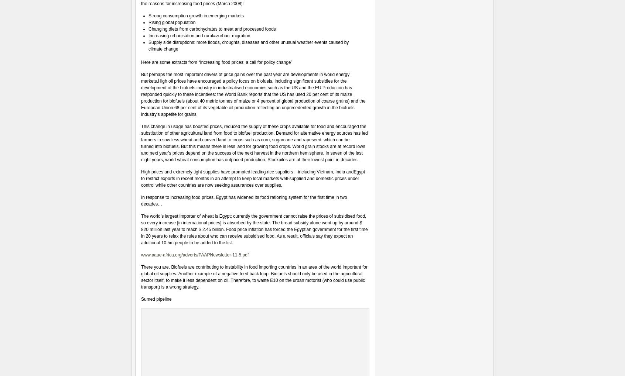  I want to click on 'Changing diets from carbohydrates to meat and processed foods', so click(211, 29).